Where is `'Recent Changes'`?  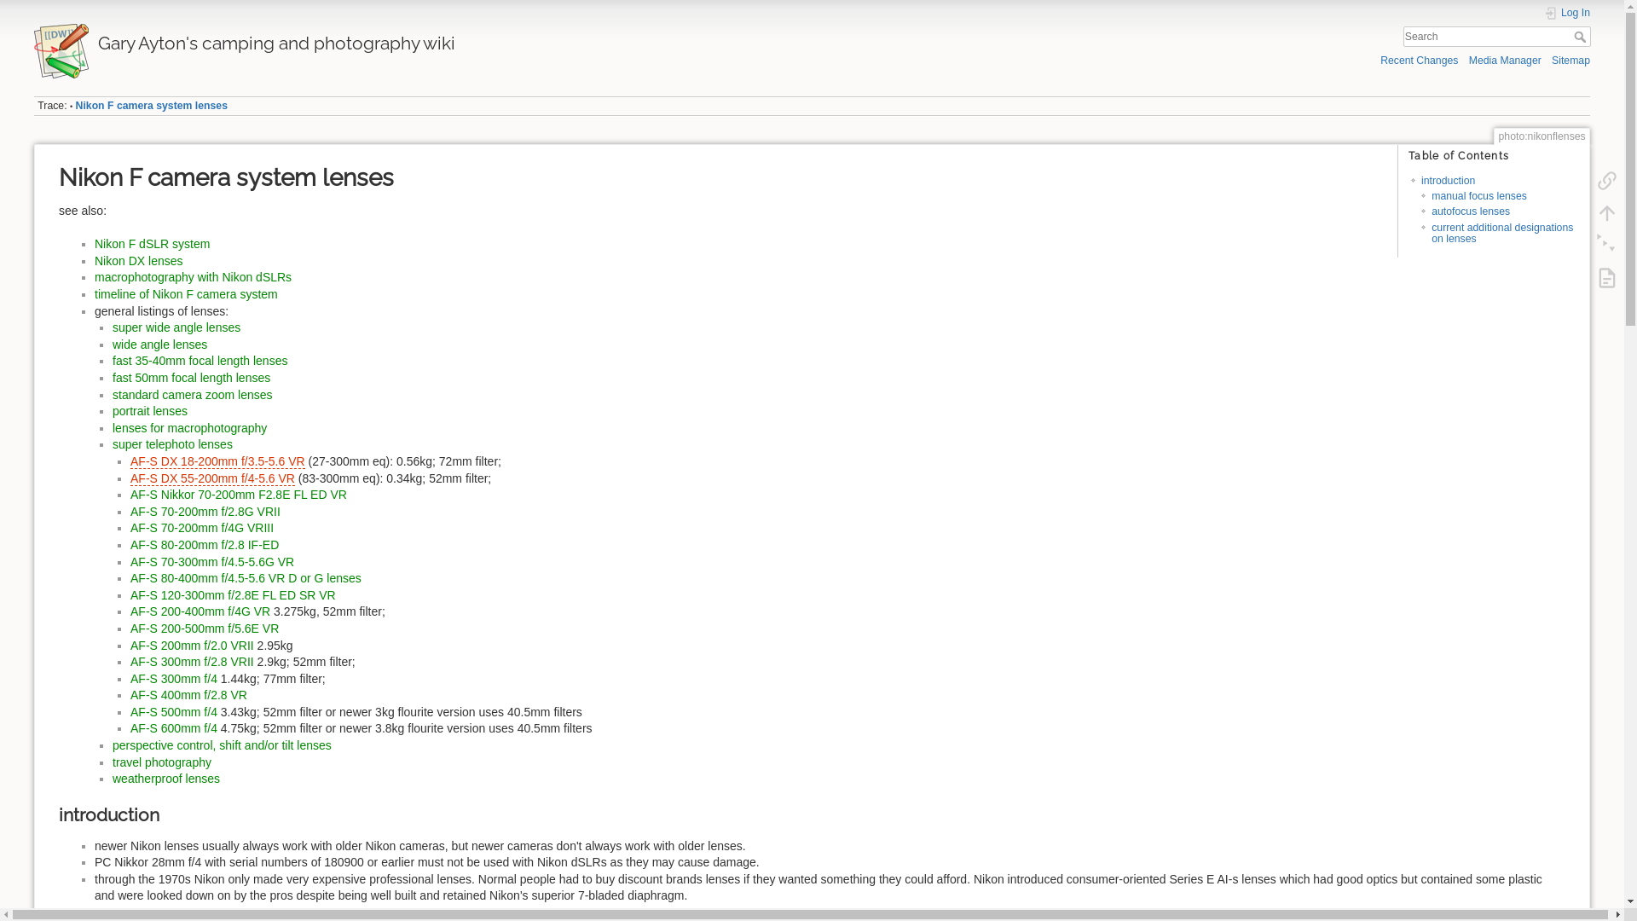
'Recent Changes' is located at coordinates (1419, 59).